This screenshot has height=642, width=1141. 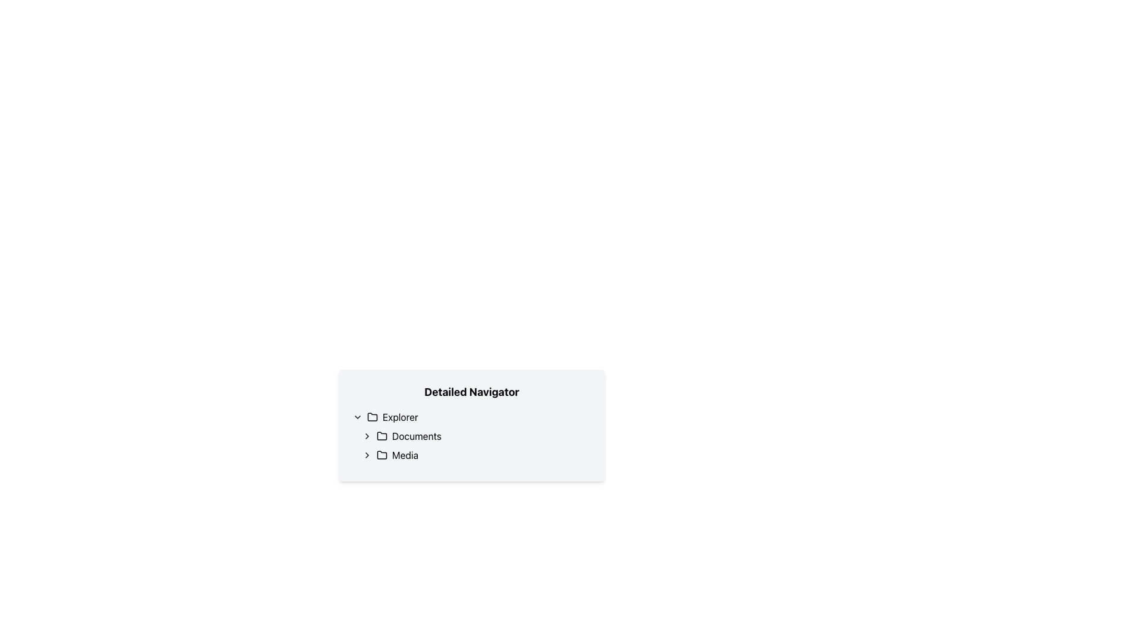 What do you see at coordinates (367, 455) in the screenshot?
I see `the rightward-pointing chevron icon located to the left of the 'Media' text` at bounding box center [367, 455].